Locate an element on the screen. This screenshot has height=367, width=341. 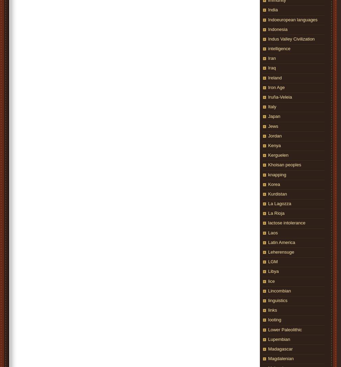
'links' is located at coordinates (268, 310).